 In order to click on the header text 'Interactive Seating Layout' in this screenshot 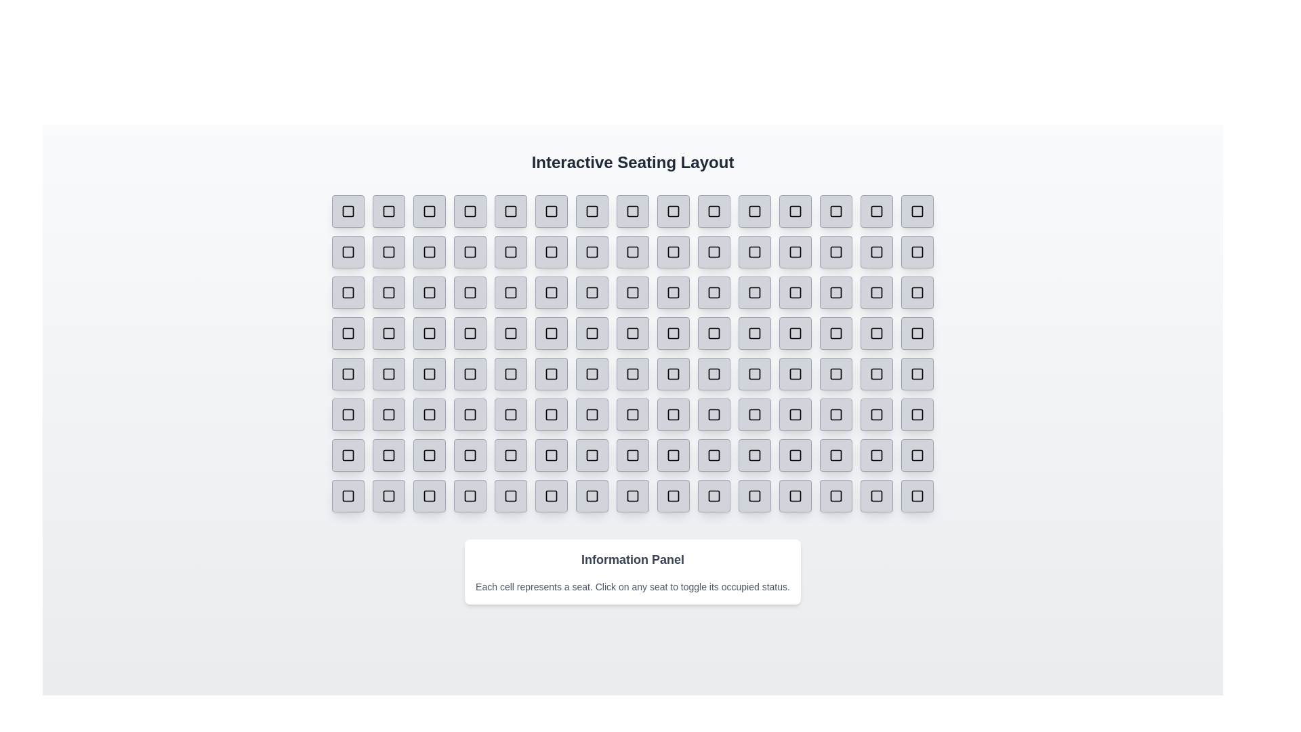, I will do `click(632, 161)`.